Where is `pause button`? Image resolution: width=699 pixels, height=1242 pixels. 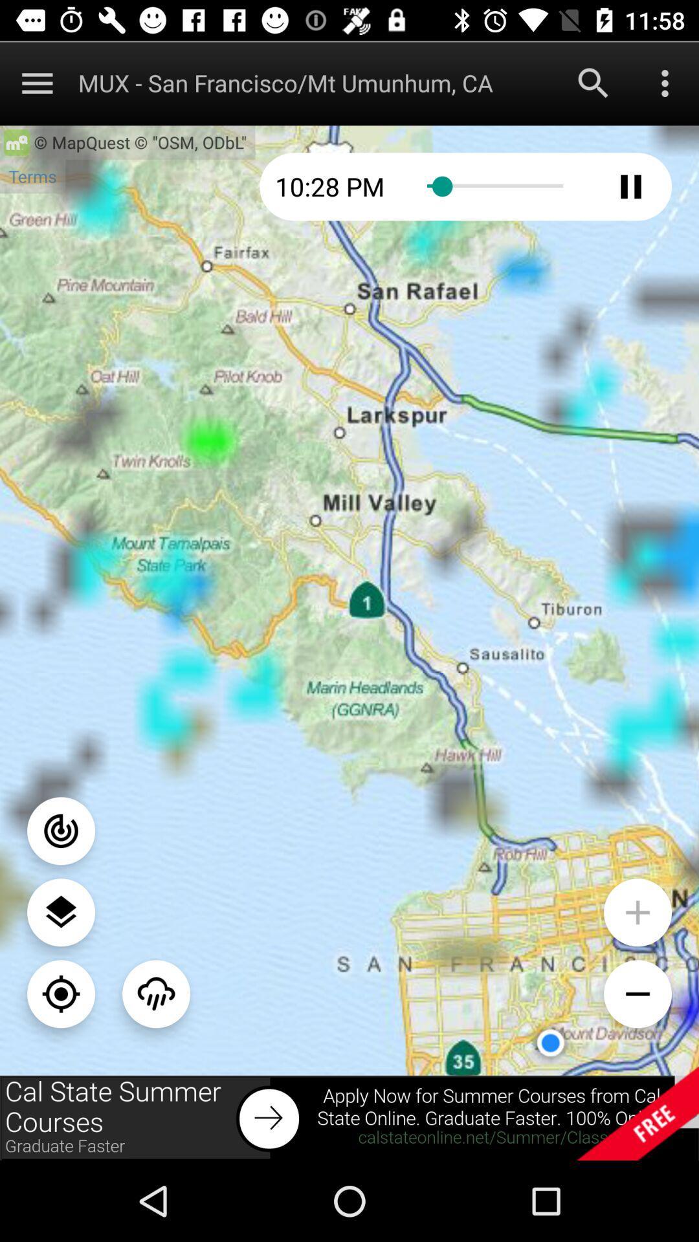
pause button is located at coordinates (630, 186).